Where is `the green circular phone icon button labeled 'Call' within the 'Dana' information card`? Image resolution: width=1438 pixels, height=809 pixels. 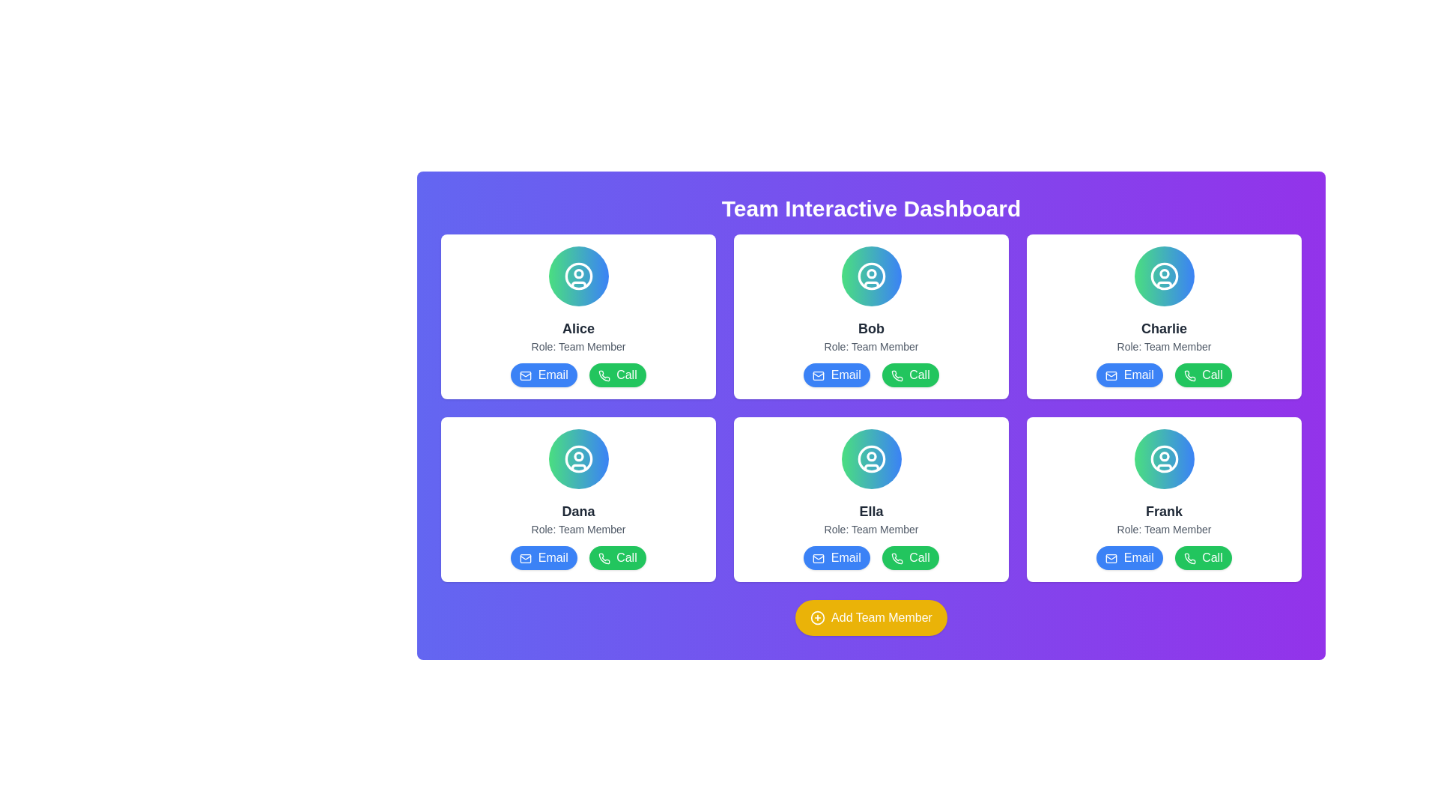 the green circular phone icon button labeled 'Call' within the 'Dana' information card is located at coordinates (604, 558).